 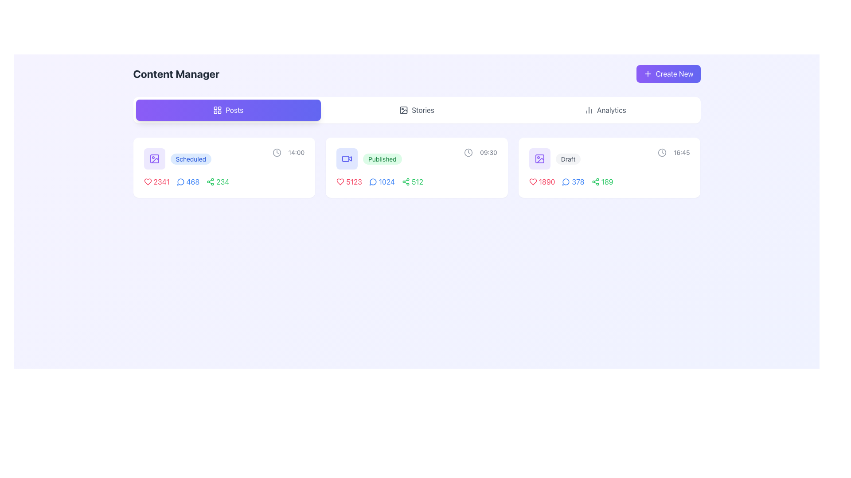 I want to click on the call-to-action button located in the top-right corner of the 'Content Manager' section, so click(x=668, y=73).